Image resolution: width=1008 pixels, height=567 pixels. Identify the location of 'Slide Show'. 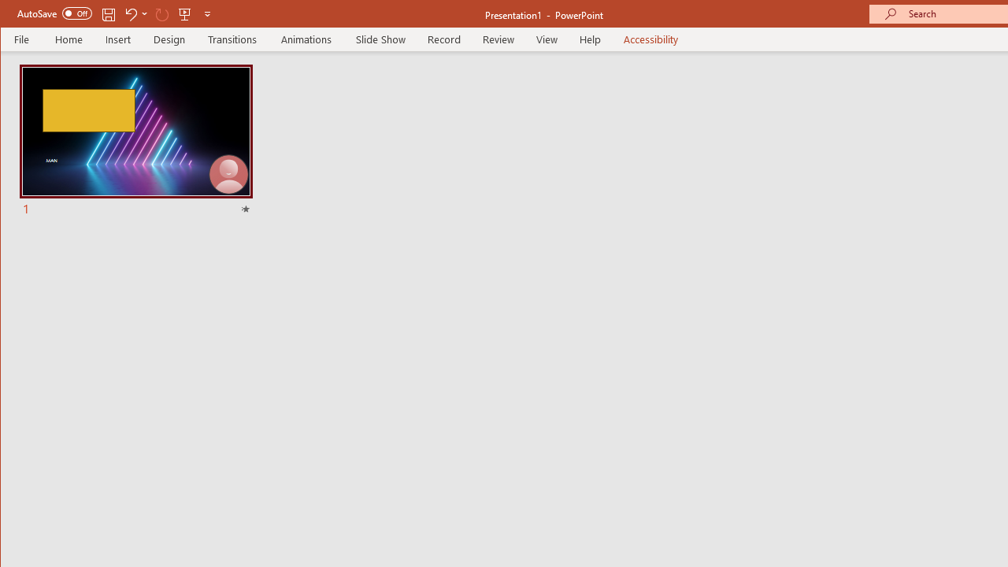
(380, 39).